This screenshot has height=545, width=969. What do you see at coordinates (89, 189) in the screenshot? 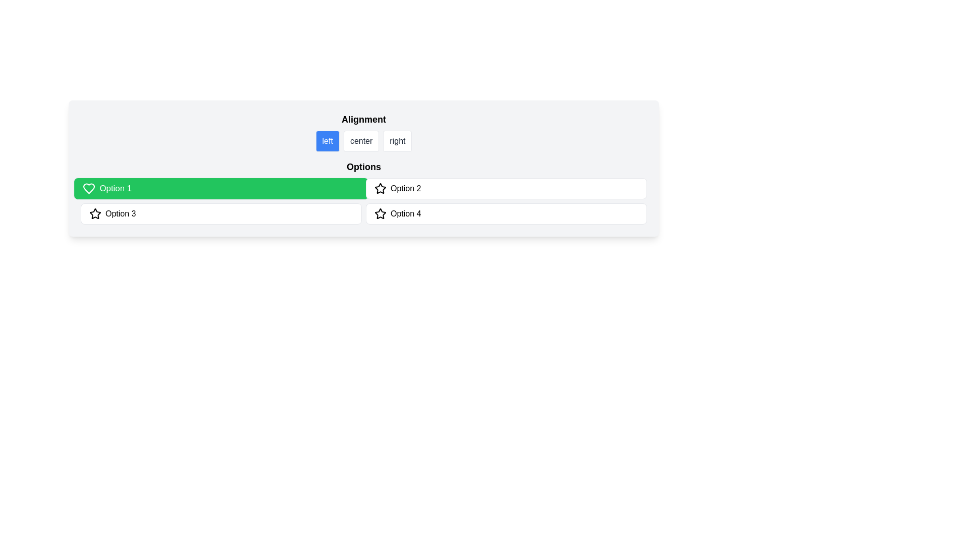
I see `the heart-shaped icon inside the button labeled 'Option 1' to prepare for keyboard input interaction` at bounding box center [89, 189].